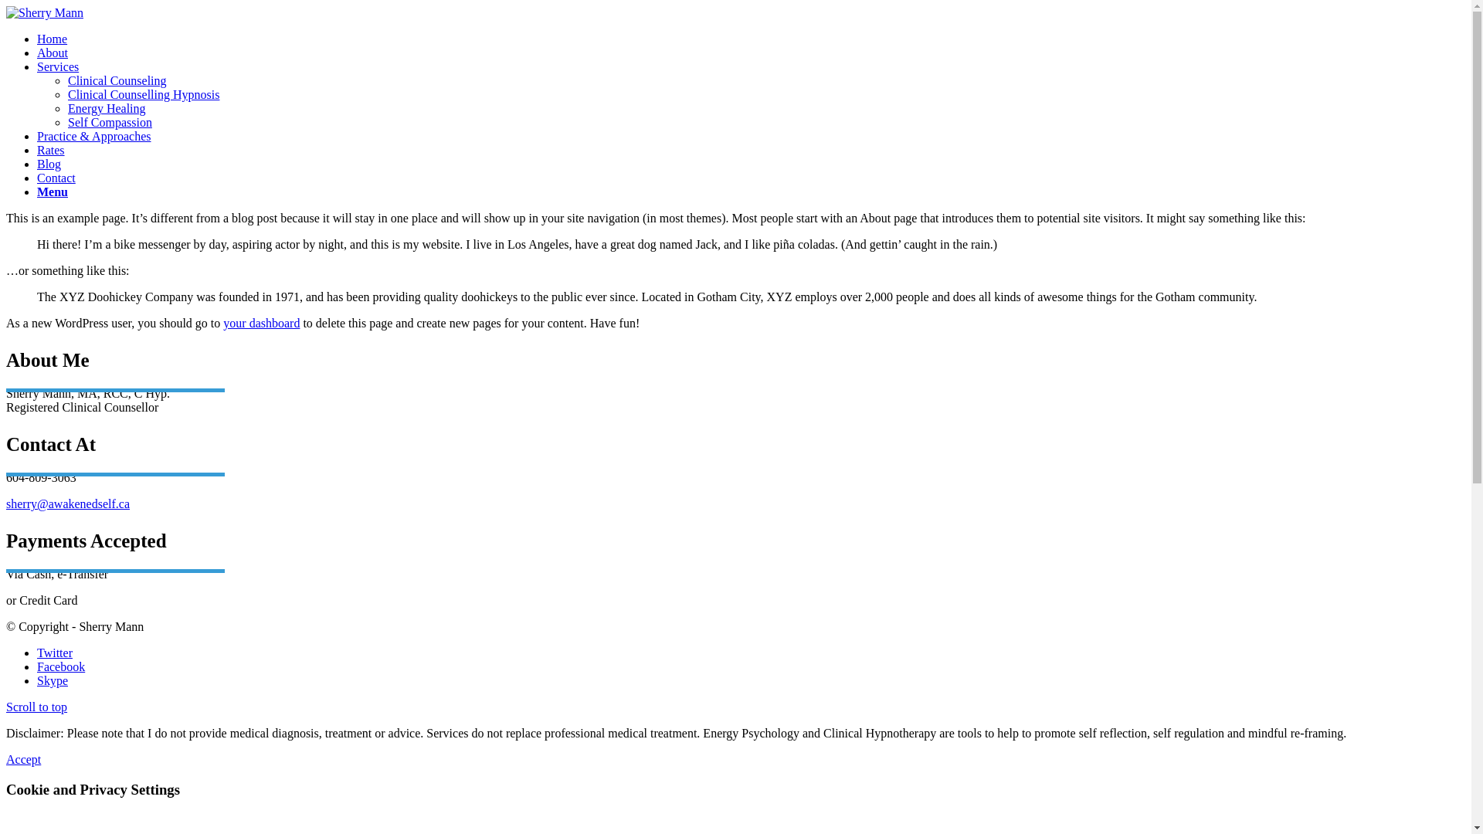 Image resolution: width=1483 pixels, height=834 pixels. What do you see at coordinates (37, 66) in the screenshot?
I see `'Services'` at bounding box center [37, 66].